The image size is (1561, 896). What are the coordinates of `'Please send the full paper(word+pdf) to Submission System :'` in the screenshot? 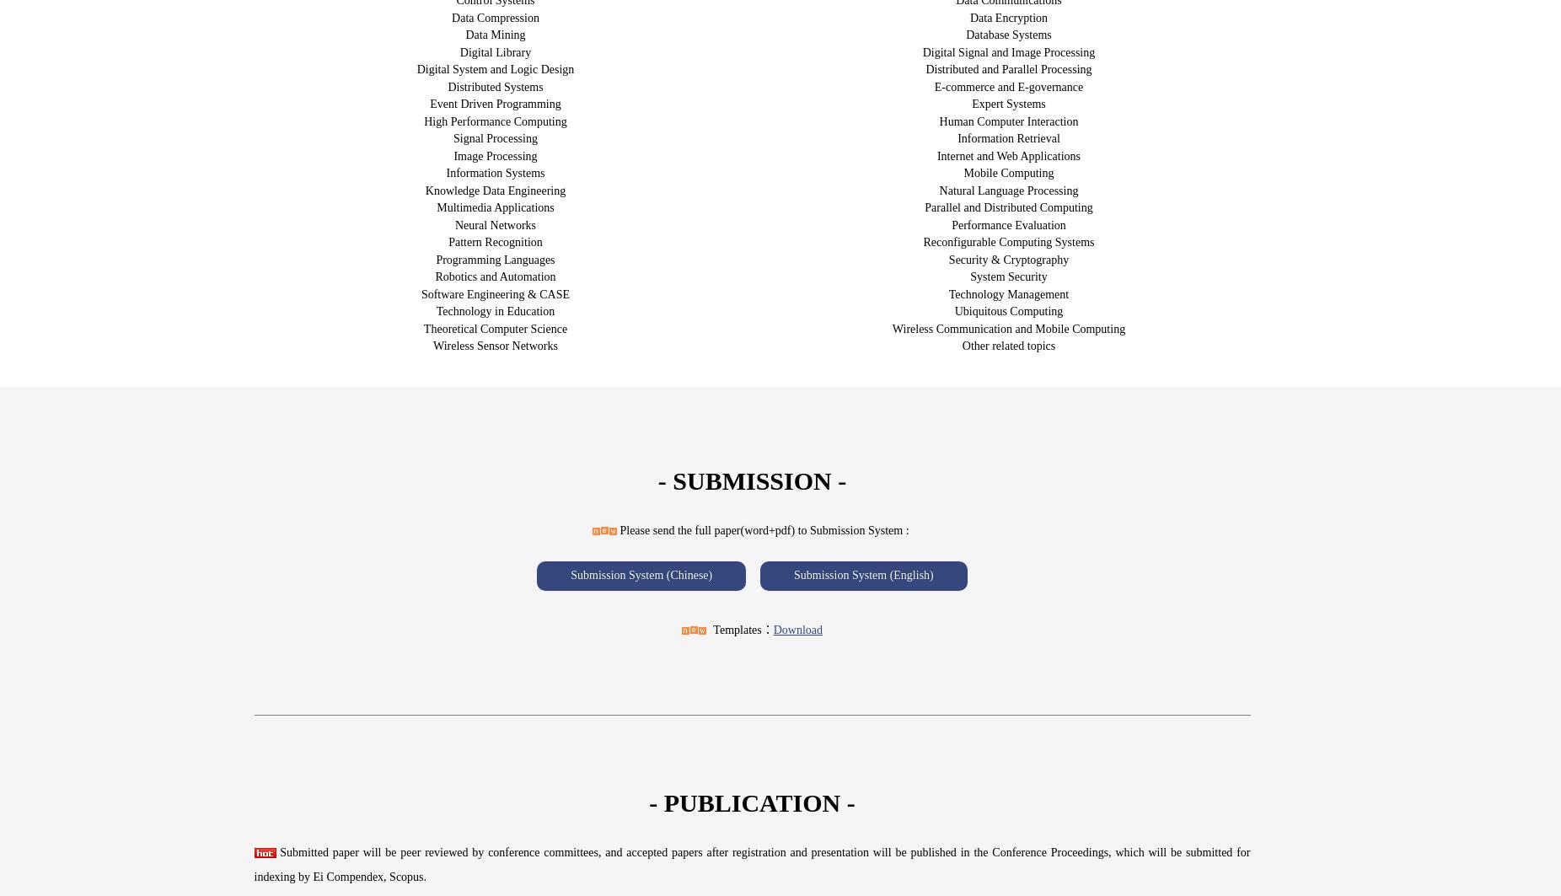 It's located at (764, 528).